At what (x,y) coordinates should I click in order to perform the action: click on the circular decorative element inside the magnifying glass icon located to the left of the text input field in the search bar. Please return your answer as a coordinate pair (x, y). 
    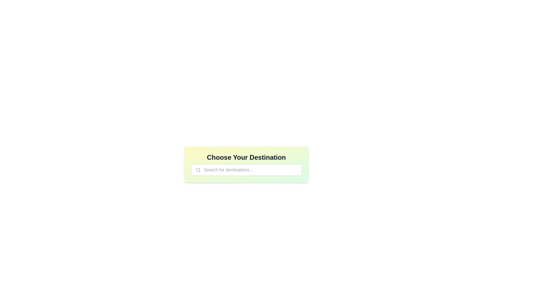
    Looking at the image, I should click on (198, 169).